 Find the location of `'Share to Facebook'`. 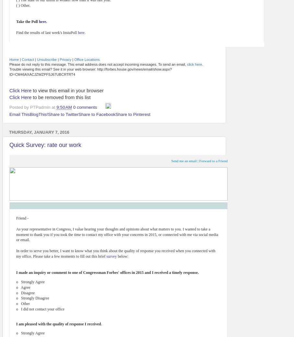

'Share to Facebook' is located at coordinates (97, 114).